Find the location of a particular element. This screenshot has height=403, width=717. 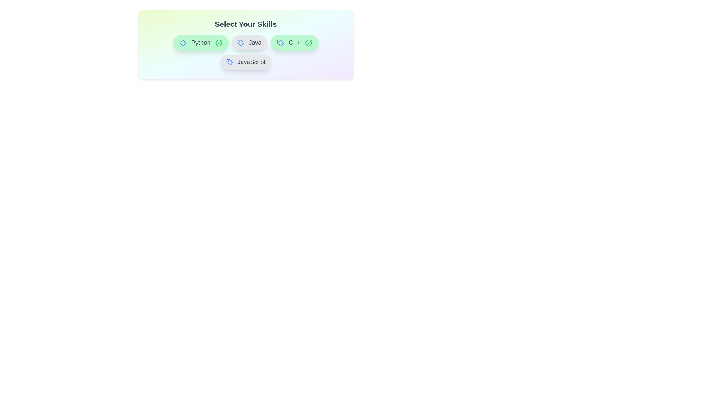

the badge for the skill Java is located at coordinates (249, 43).